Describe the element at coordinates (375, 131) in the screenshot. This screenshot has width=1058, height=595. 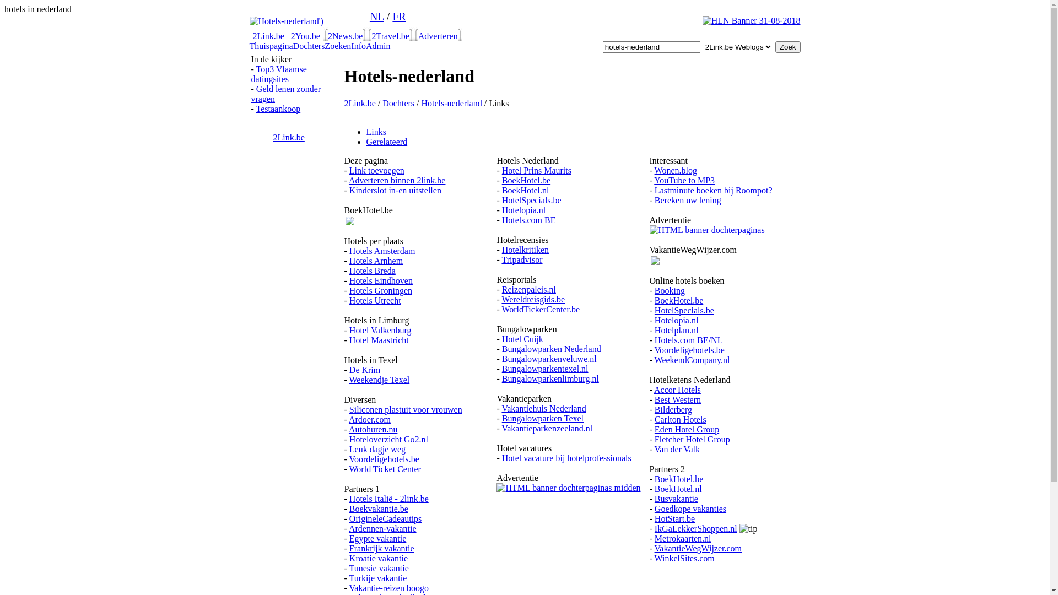
I see `'Links'` at that location.